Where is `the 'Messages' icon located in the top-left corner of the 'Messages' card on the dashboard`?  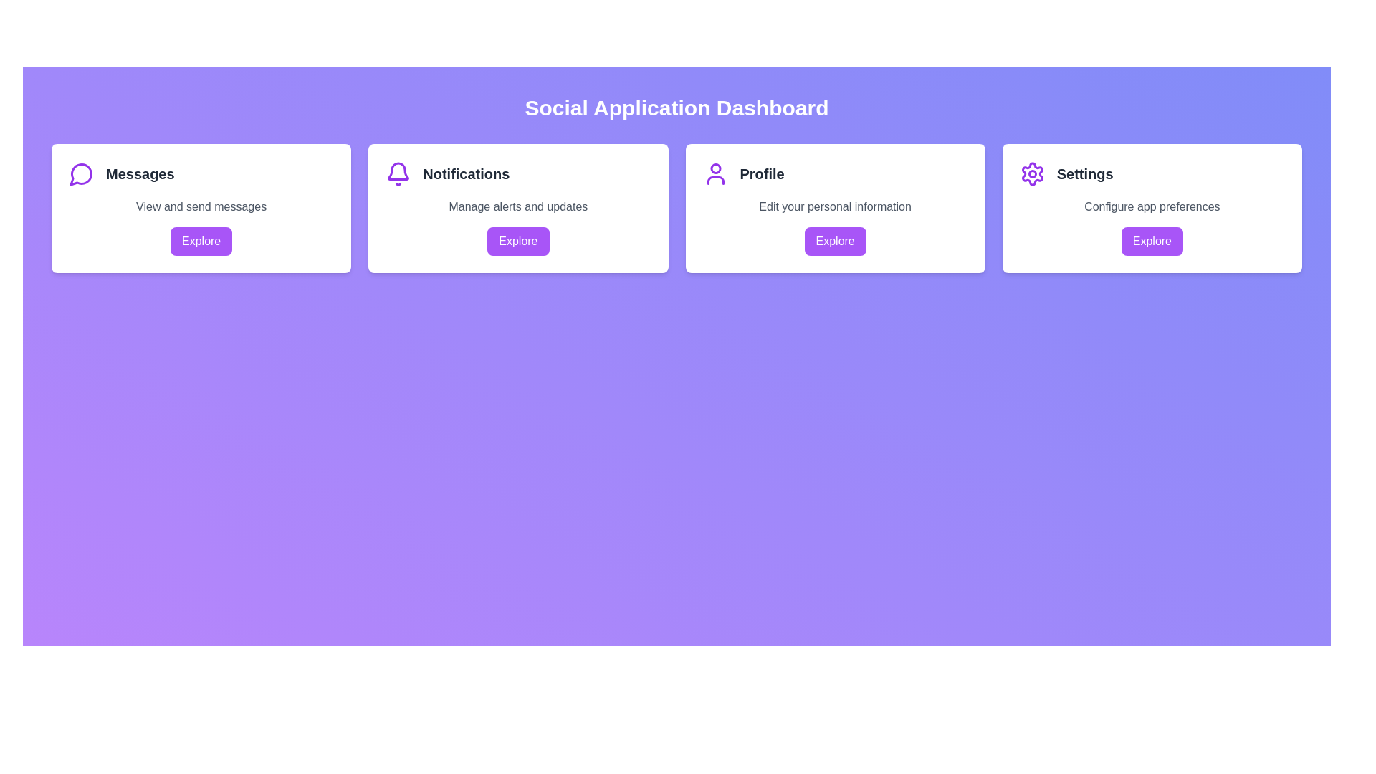
the 'Messages' icon located in the top-left corner of the 'Messages' card on the dashboard is located at coordinates (81, 173).